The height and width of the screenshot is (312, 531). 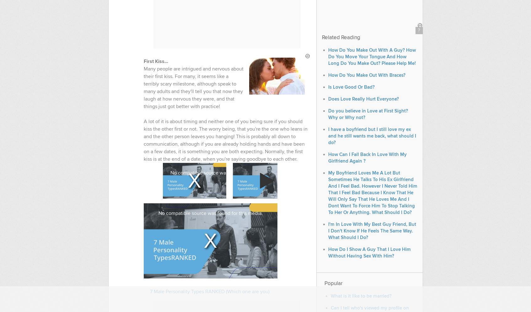 What do you see at coordinates (341, 38) in the screenshot?
I see `'Related Reading'` at bounding box center [341, 38].